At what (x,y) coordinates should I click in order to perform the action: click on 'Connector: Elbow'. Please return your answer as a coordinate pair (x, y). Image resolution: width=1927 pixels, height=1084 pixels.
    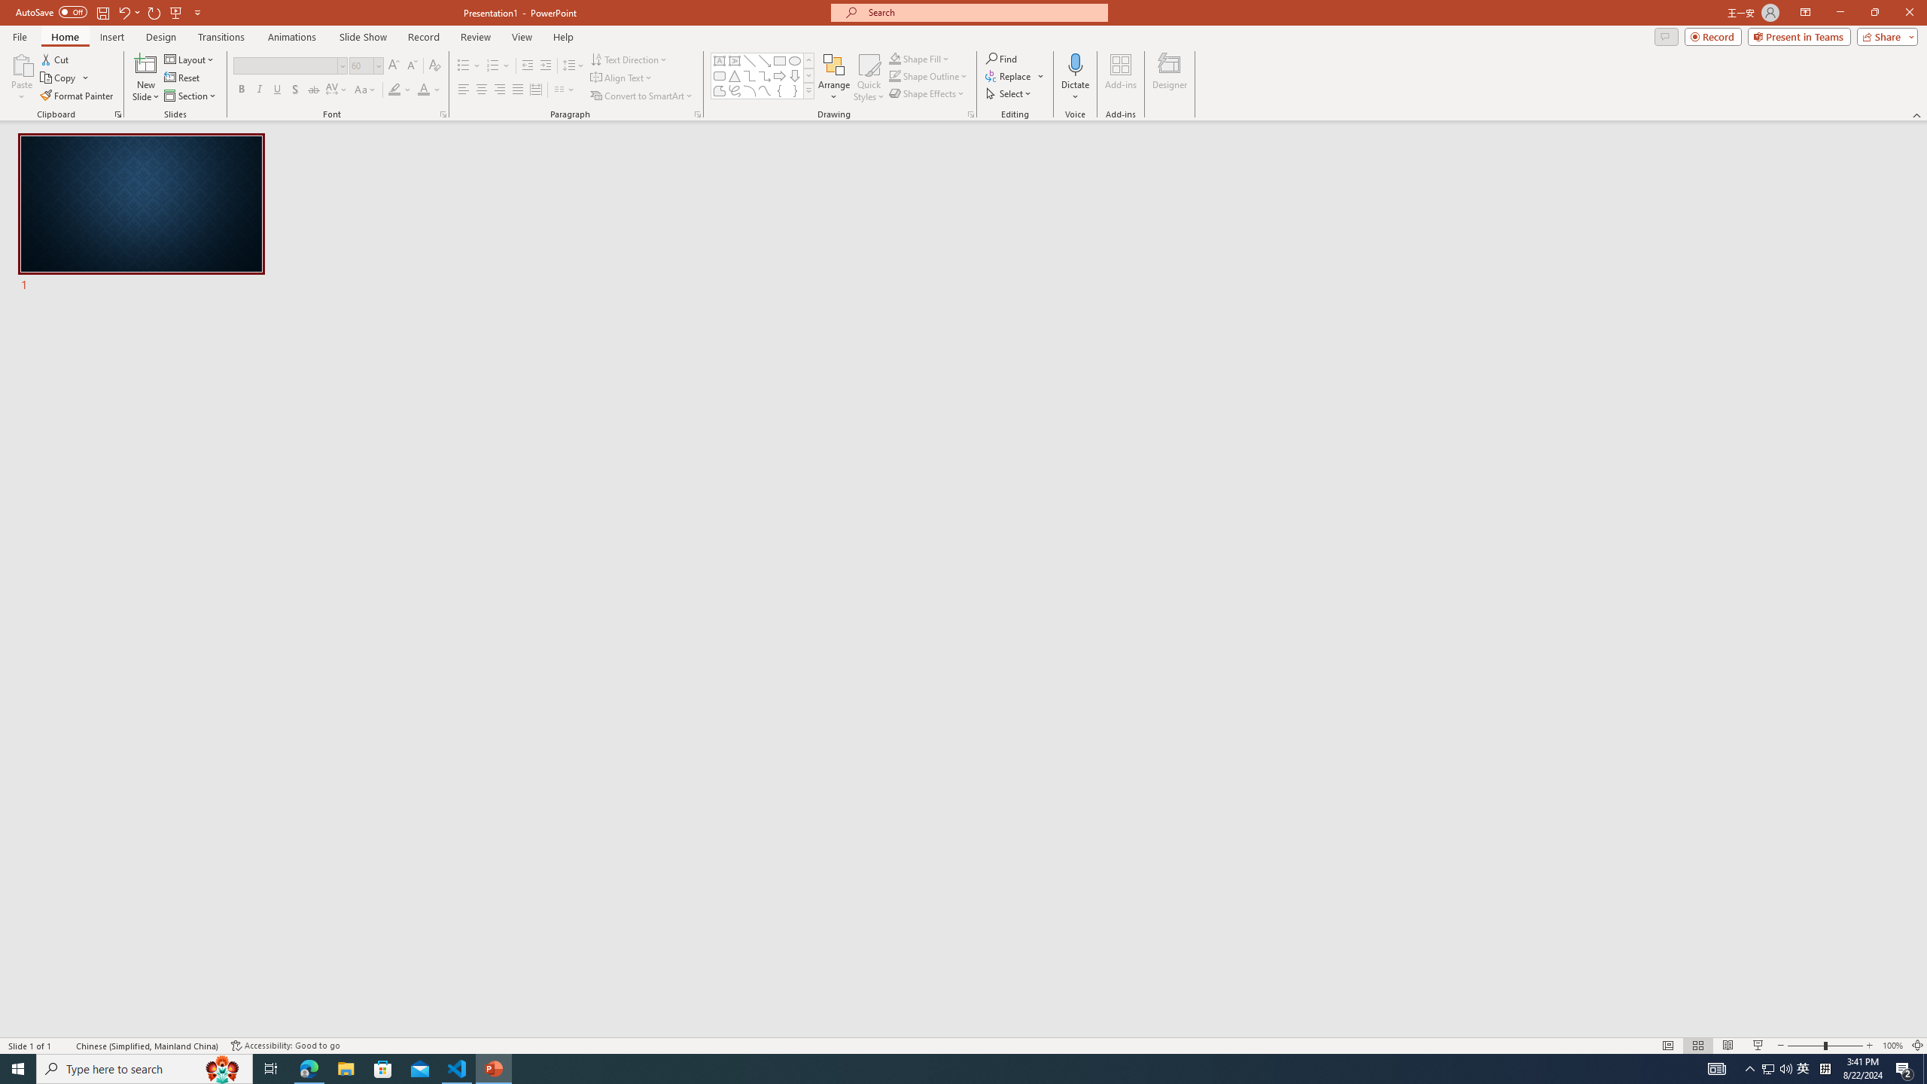
    Looking at the image, I should click on (748, 75).